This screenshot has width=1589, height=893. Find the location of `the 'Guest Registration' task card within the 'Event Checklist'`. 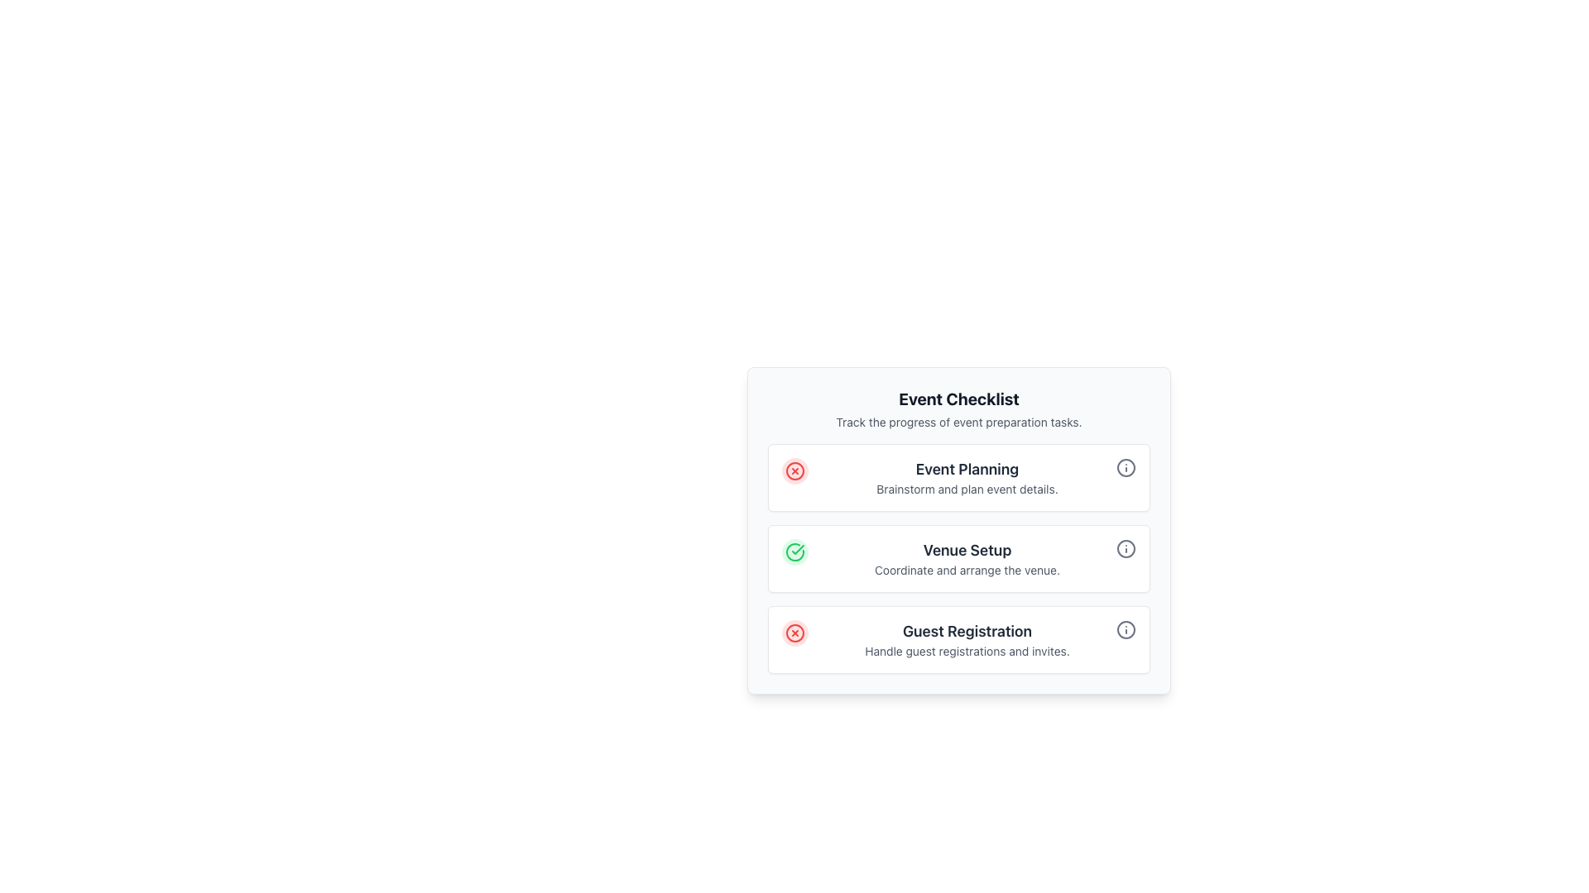

the 'Guest Registration' task card within the 'Event Checklist' is located at coordinates (958, 639).